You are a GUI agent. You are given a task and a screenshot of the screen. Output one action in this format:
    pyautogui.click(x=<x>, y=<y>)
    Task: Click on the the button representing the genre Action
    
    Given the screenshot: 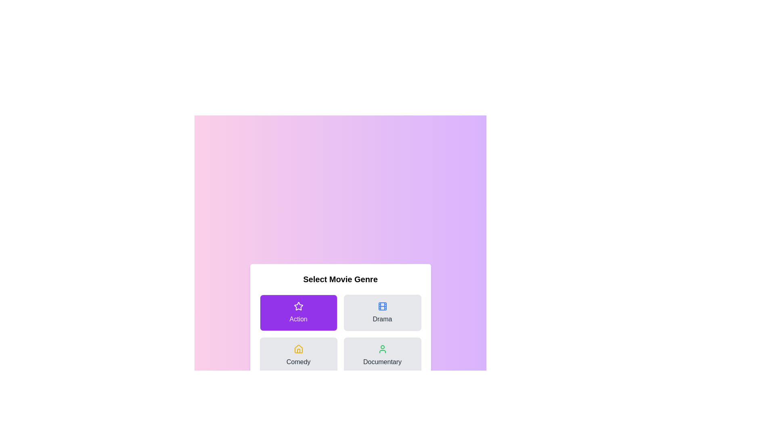 What is the action you would take?
    pyautogui.click(x=298, y=312)
    